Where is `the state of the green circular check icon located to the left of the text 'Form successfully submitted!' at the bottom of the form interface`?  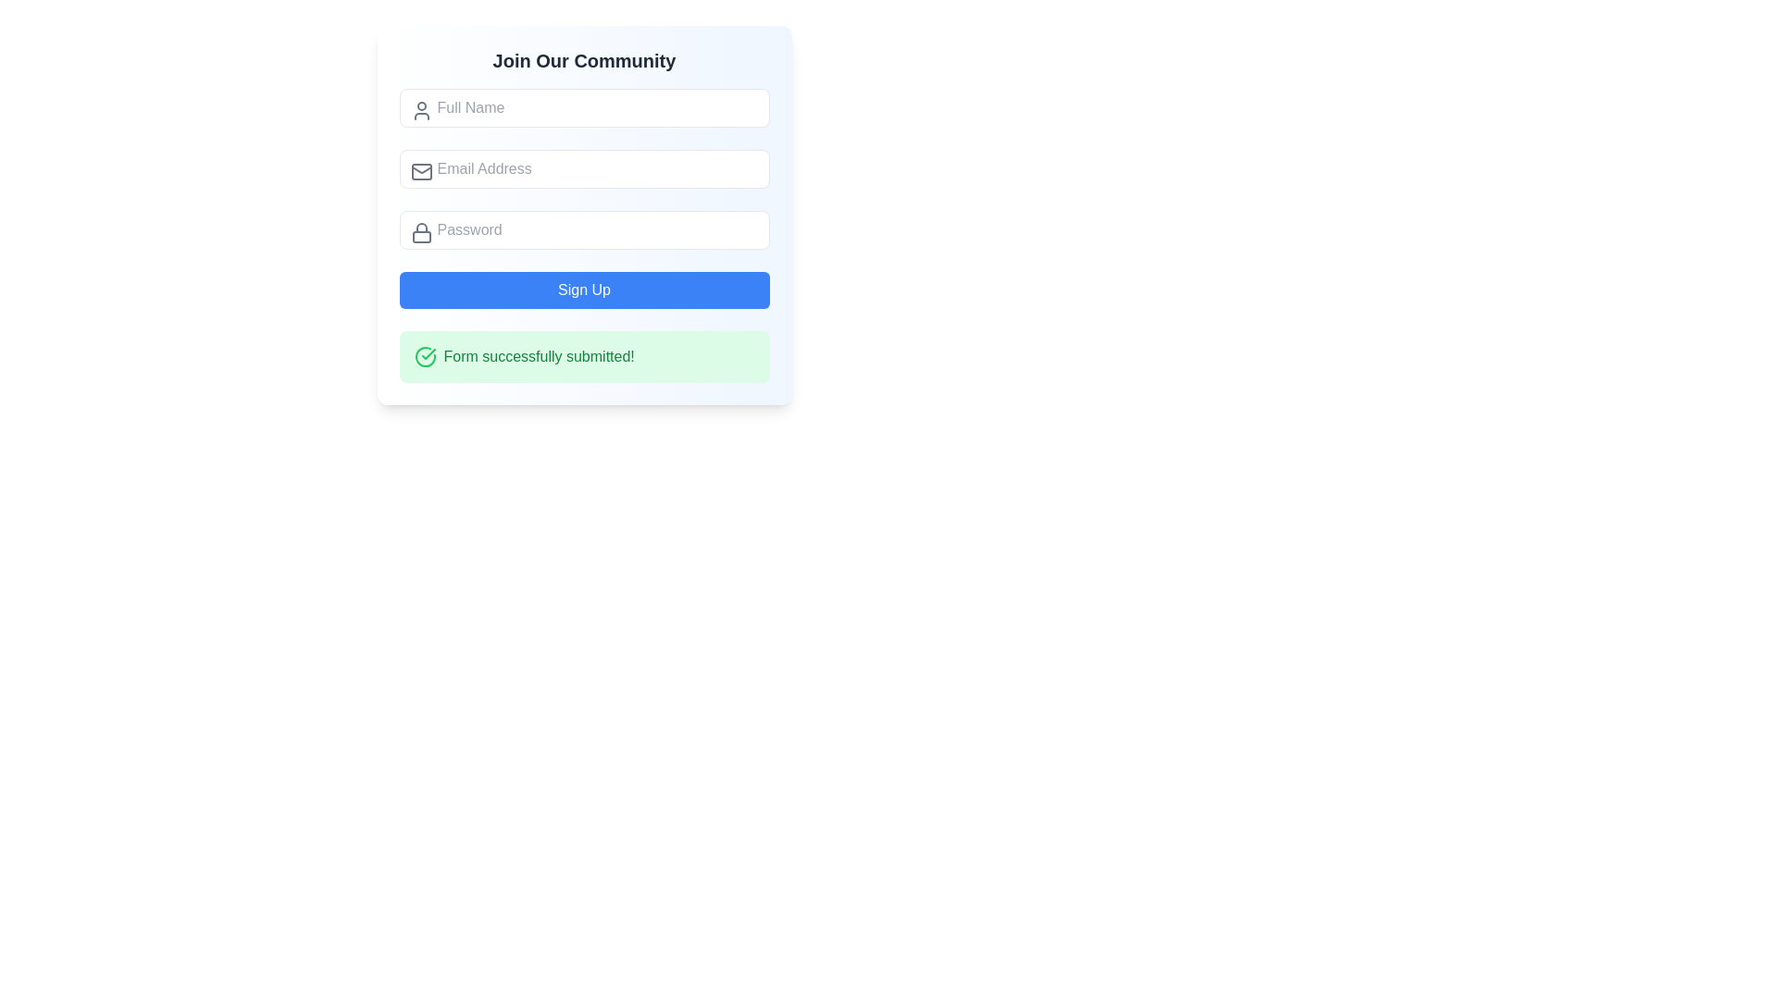 the state of the green circular check icon located to the left of the text 'Form successfully submitted!' at the bottom of the form interface is located at coordinates (424, 356).